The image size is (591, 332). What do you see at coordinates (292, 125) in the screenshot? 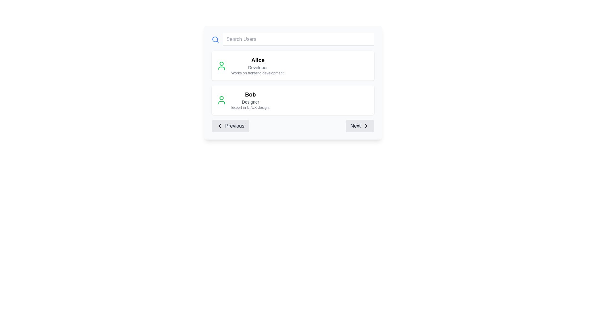
I see `the Pagination controls with buttons` at bounding box center [292, 125].